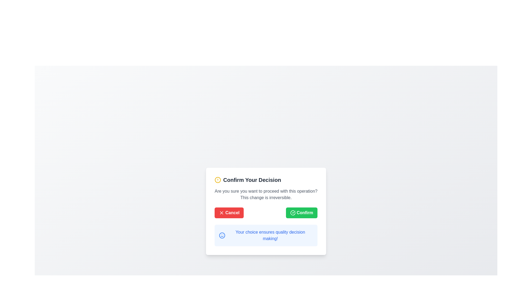  What do you see at coordinates (292, 213) in the screenshot?
I see `the checkmark icon located to the left of the 'Confirm' text within the green 'Confirm' button, which is positioned on the right side of the bottom section of the dialog box` at bounding box center [292, 213].